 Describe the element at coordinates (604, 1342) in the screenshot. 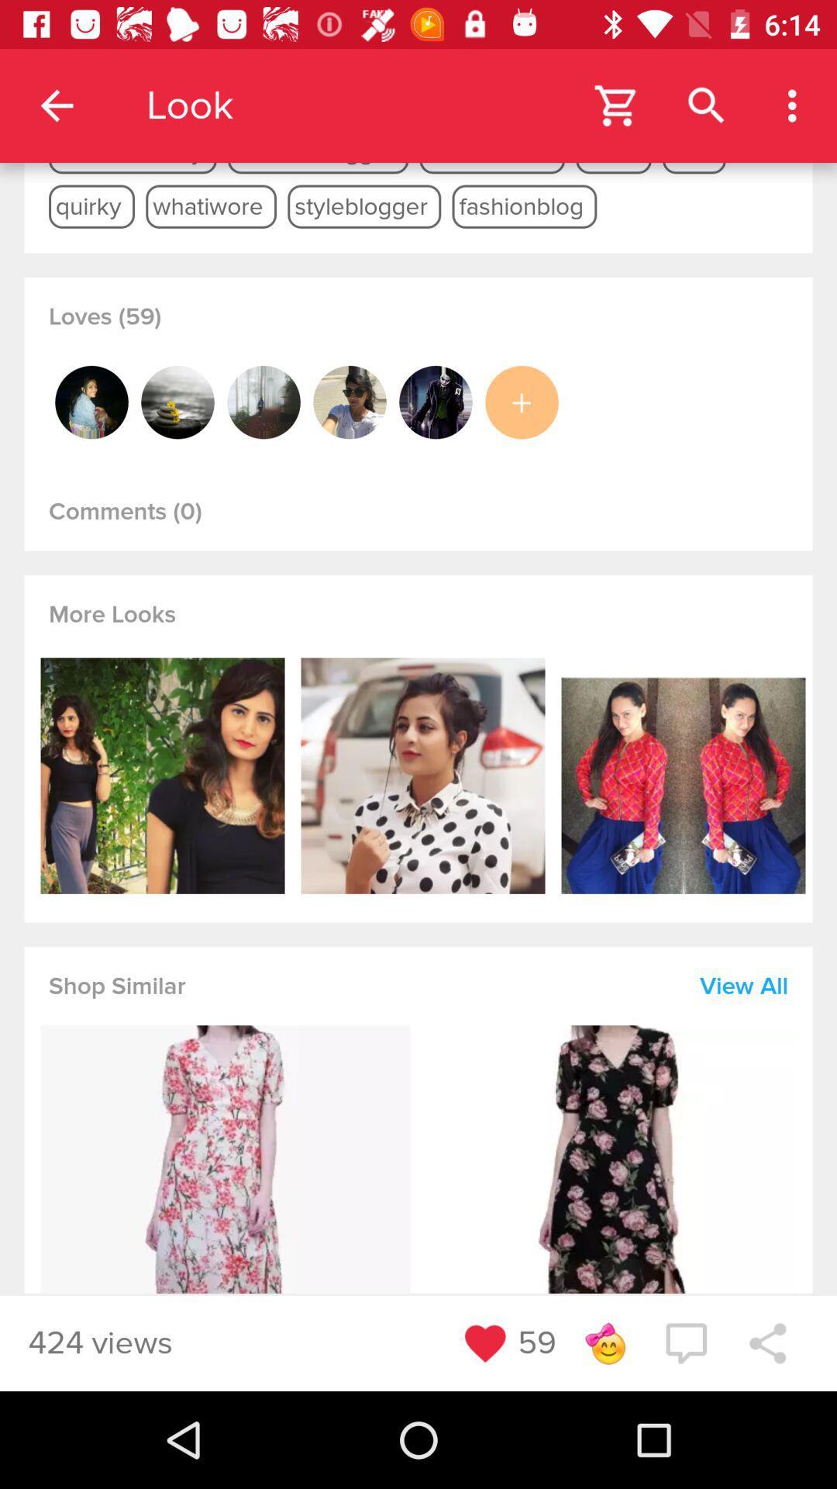

I see `the emoji icon` at that location.